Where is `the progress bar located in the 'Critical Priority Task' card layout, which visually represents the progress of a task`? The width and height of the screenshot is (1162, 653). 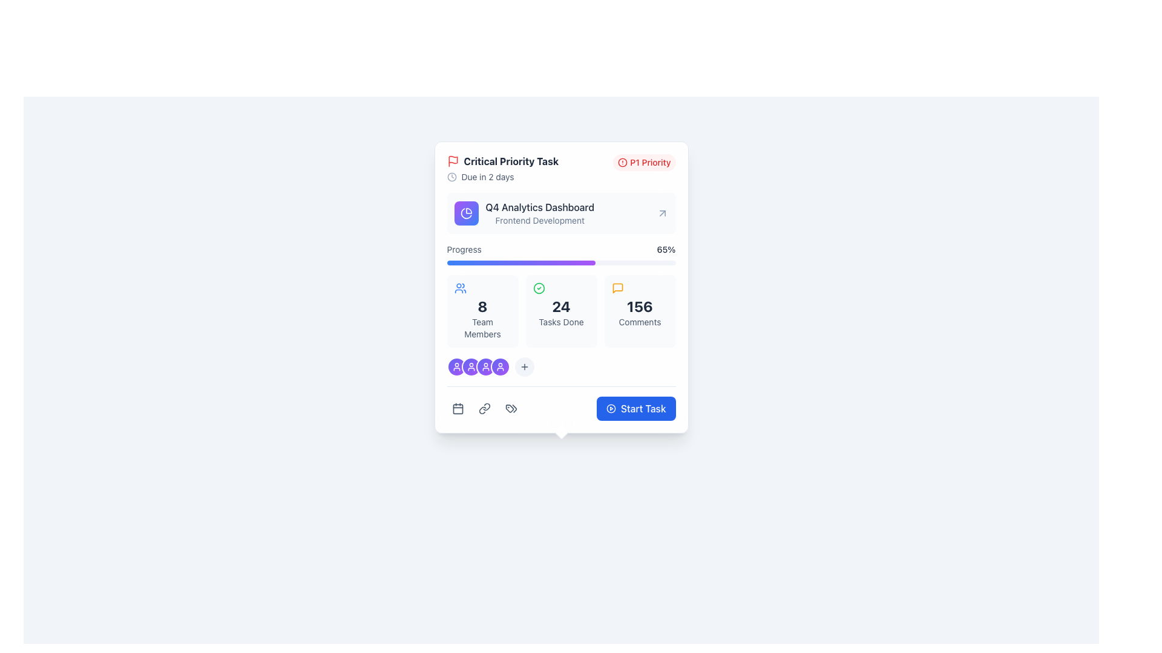
the progress bar located in the 'Critical Priority Task' card layout, which visually represents the progress of a task is located at coordinates (521, 262).